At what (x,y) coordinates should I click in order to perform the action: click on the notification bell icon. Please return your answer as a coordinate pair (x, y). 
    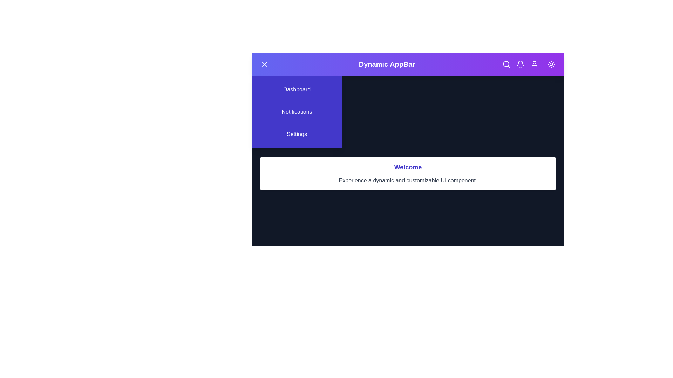
    Looking at the image, I should click on (520, 64).